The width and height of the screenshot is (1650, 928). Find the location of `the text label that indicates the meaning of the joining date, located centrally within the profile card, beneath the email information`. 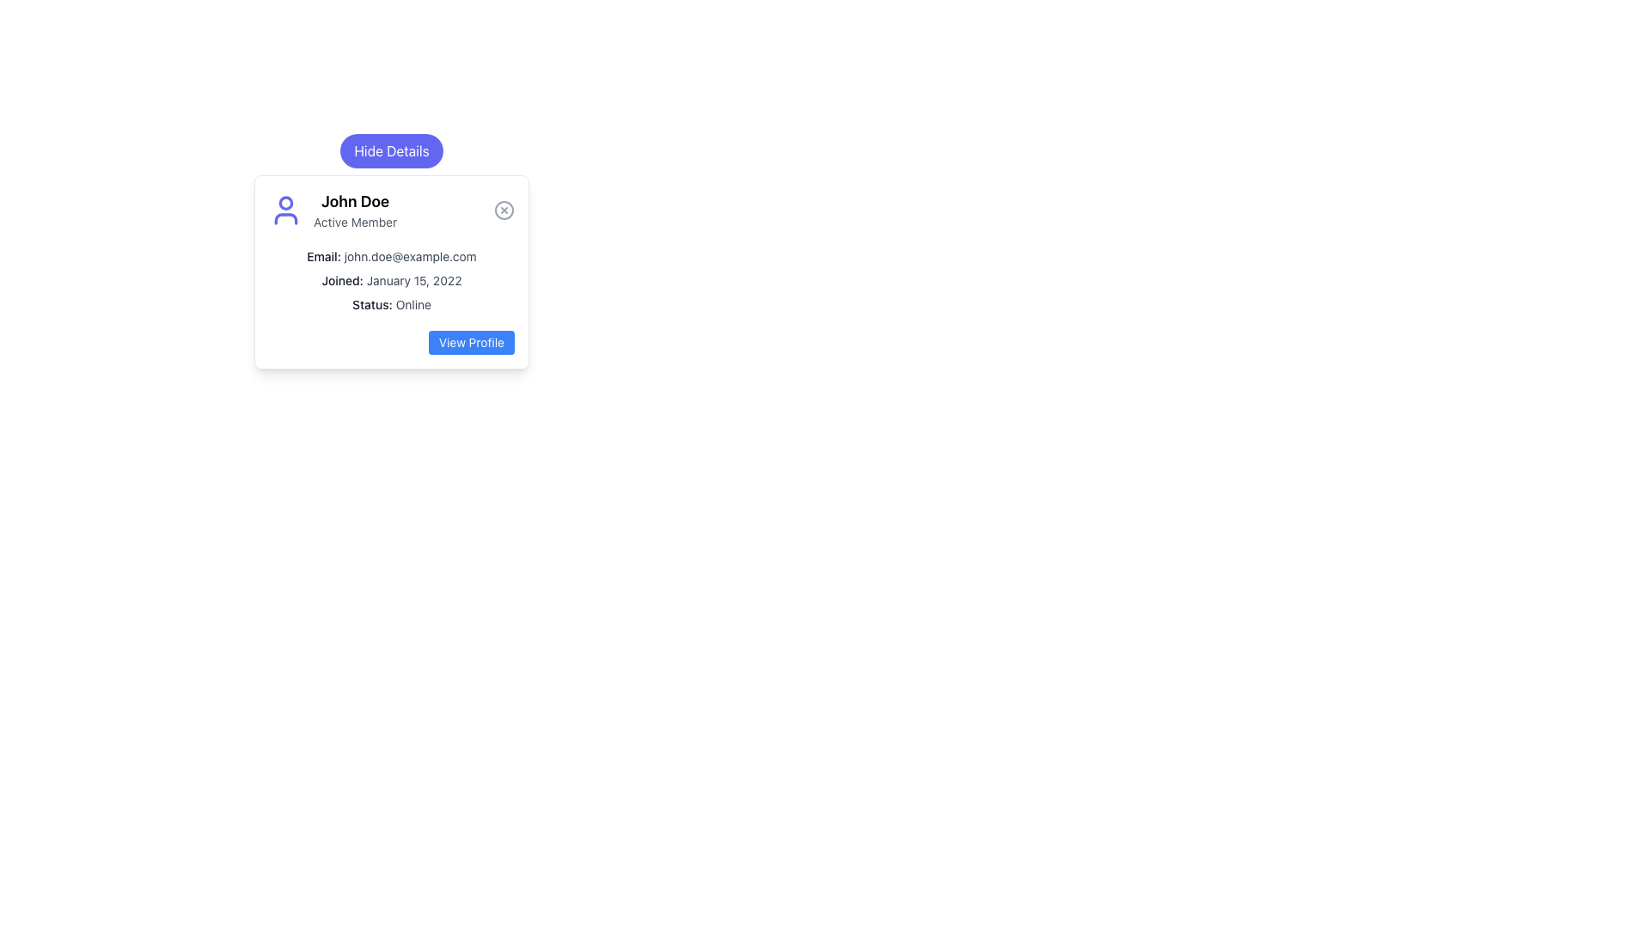

the text label that indicates the meaning of the joining date, located centrally within the profile card, beneath the email information is located at coordinates (342, 279).